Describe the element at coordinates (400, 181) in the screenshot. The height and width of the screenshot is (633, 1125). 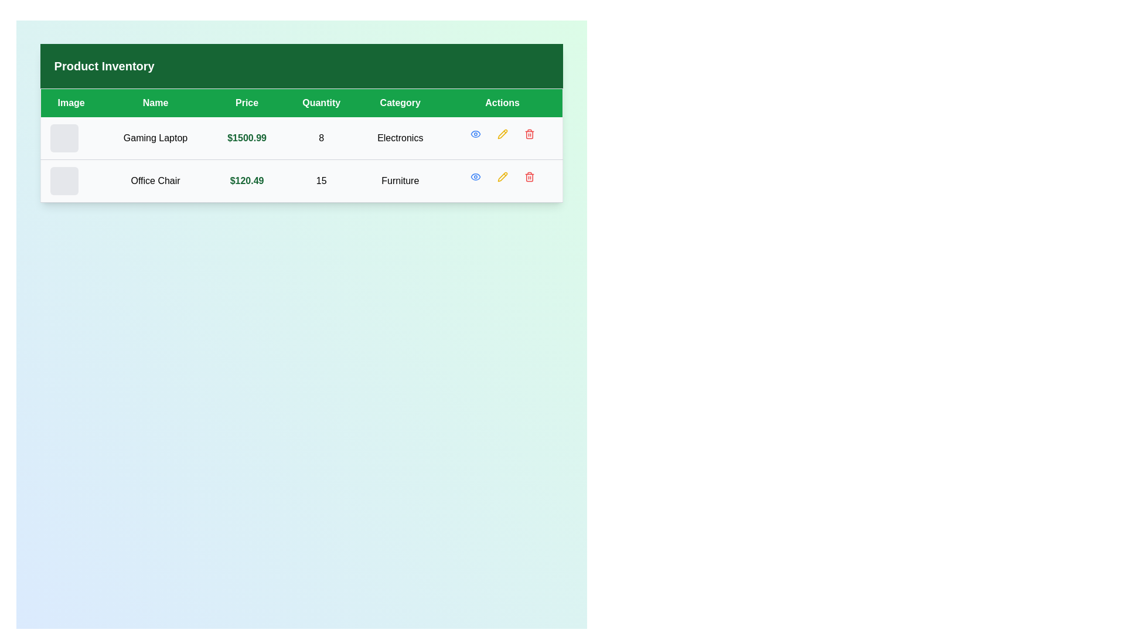
I see `the Text label in the 'Category' column of the second row, which describes the product classification for 'Office Chair'` at that location.